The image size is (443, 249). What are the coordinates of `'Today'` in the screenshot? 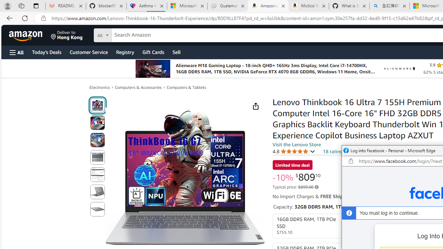 It's located at (46, 52).